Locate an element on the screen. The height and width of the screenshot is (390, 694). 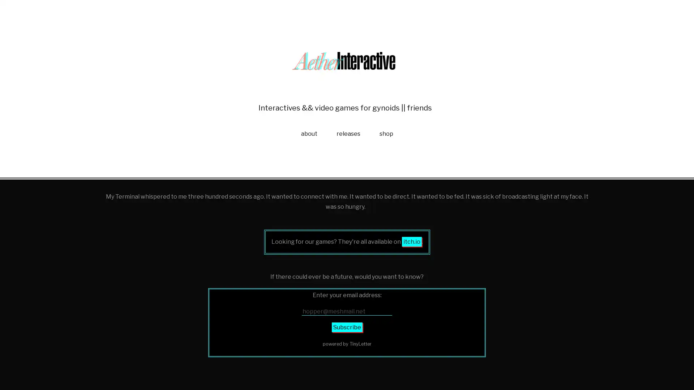
Subscribe is located at coordinates (346, 379).